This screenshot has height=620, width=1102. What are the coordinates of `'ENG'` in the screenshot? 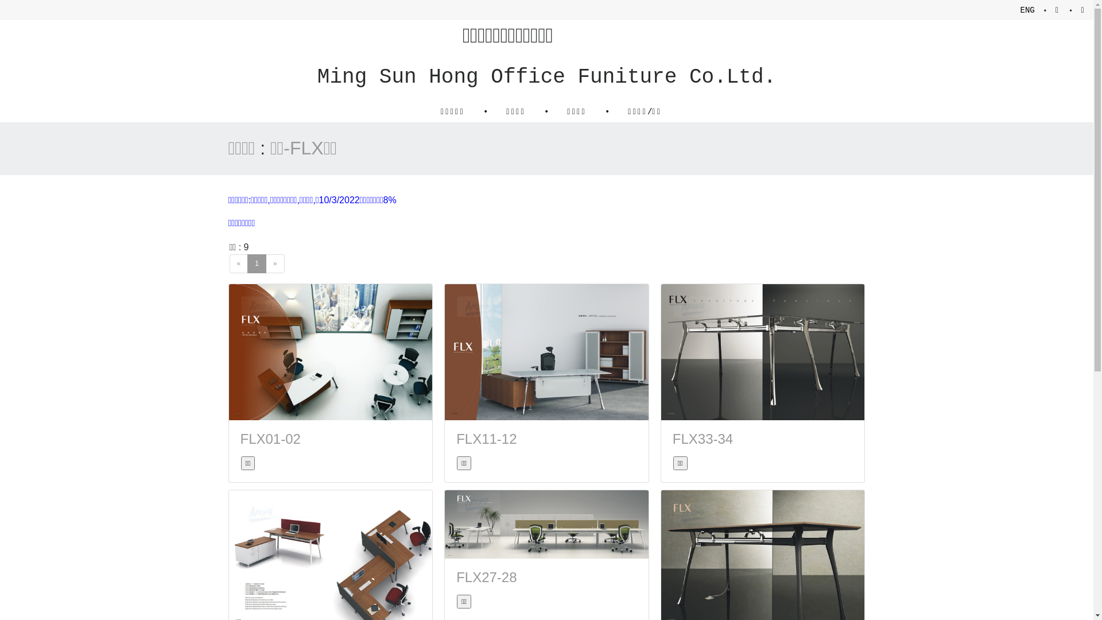 It's located at (1027, 10).